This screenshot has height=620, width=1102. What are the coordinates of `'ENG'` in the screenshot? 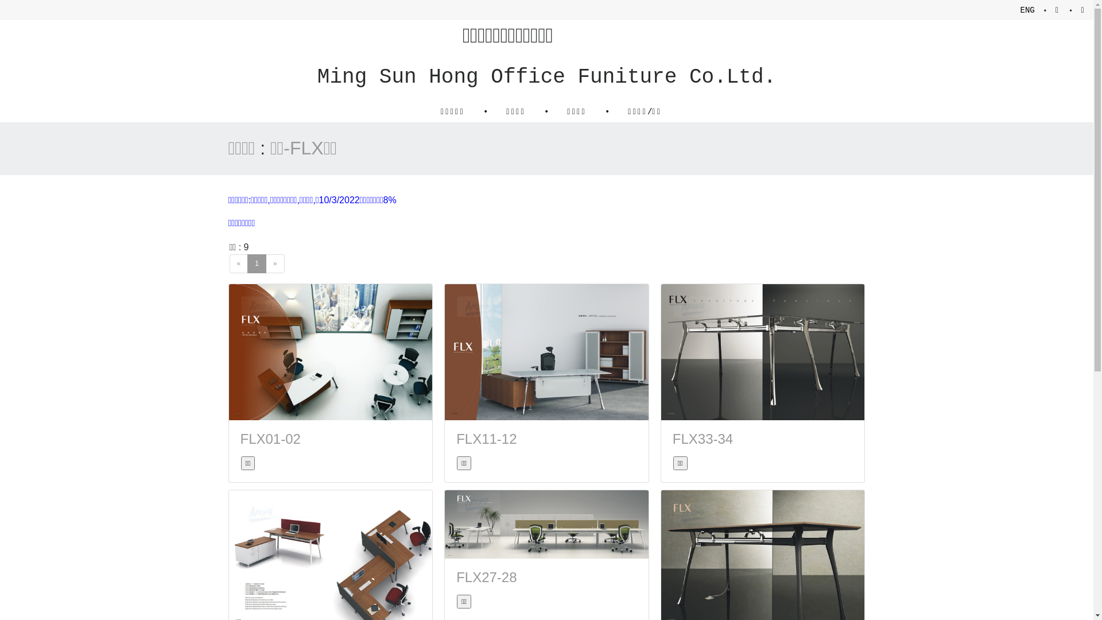 It's located at (1027, 10).